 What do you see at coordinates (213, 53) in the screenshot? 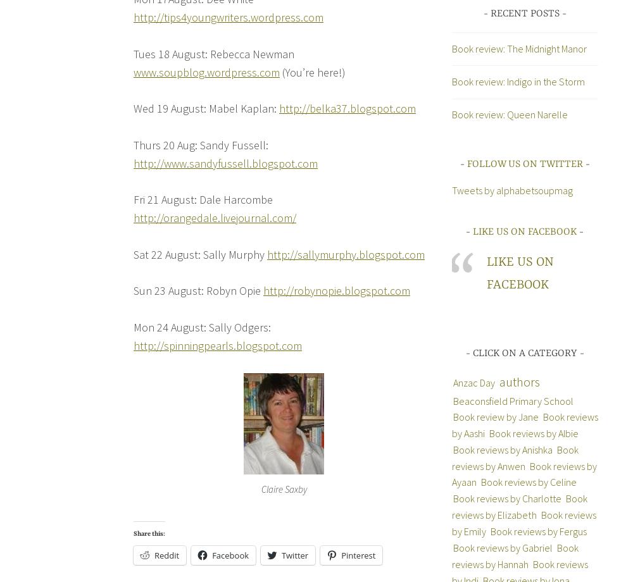
I see `'Tues 18 August: Rebecca Newman'` at bounding box center [213, 53].